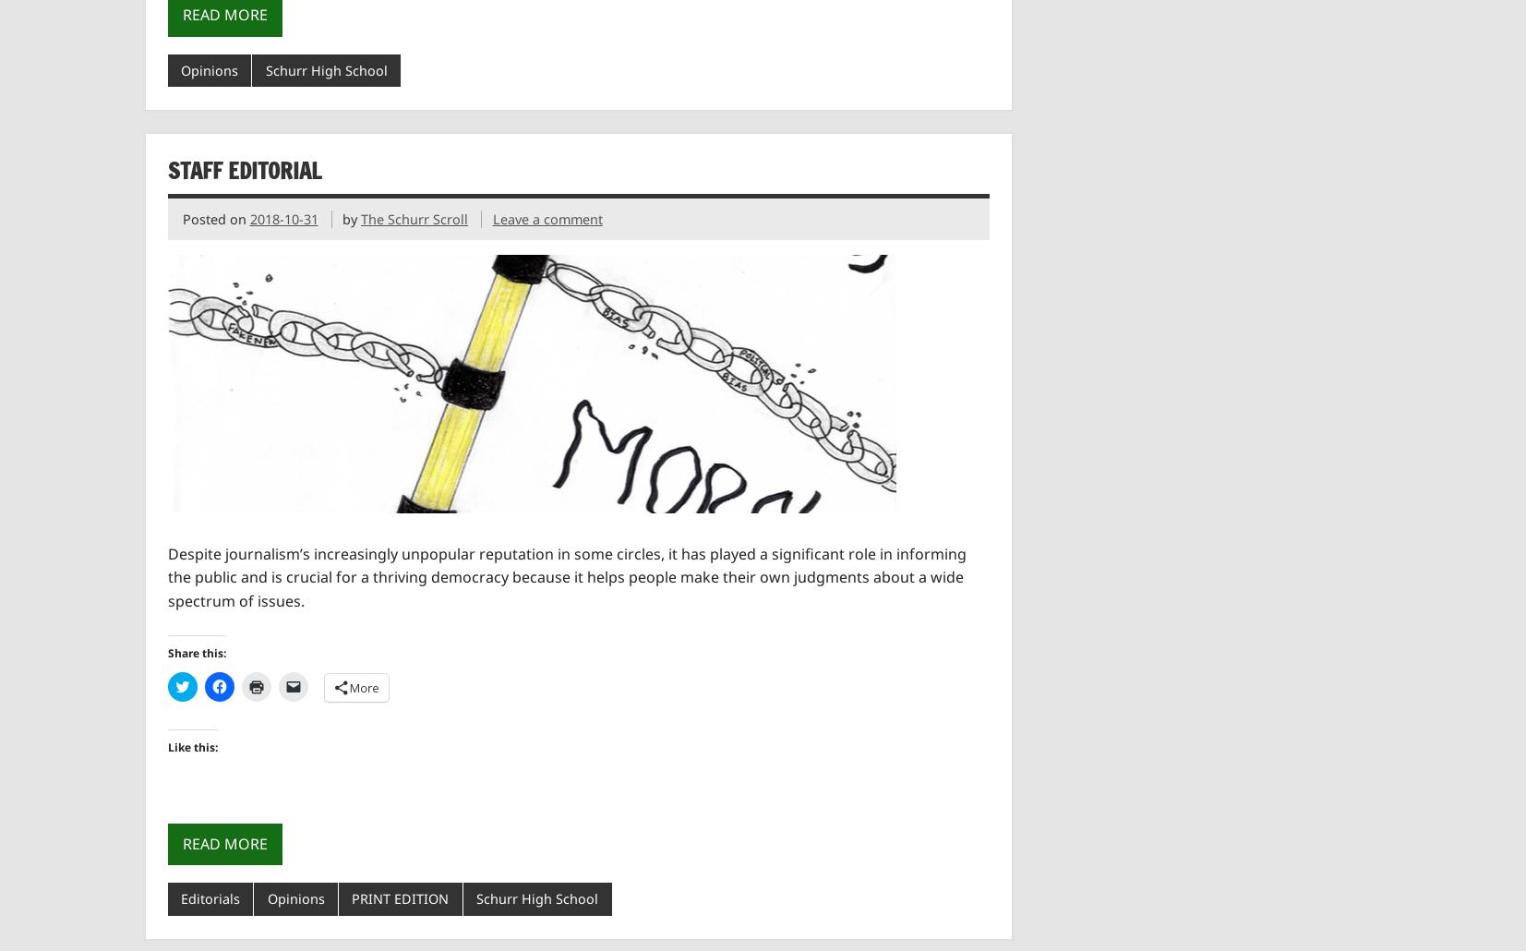  Describe the element at coordinates (282, 218) in the screenshot. I see `'2018-10-31'` at that location.